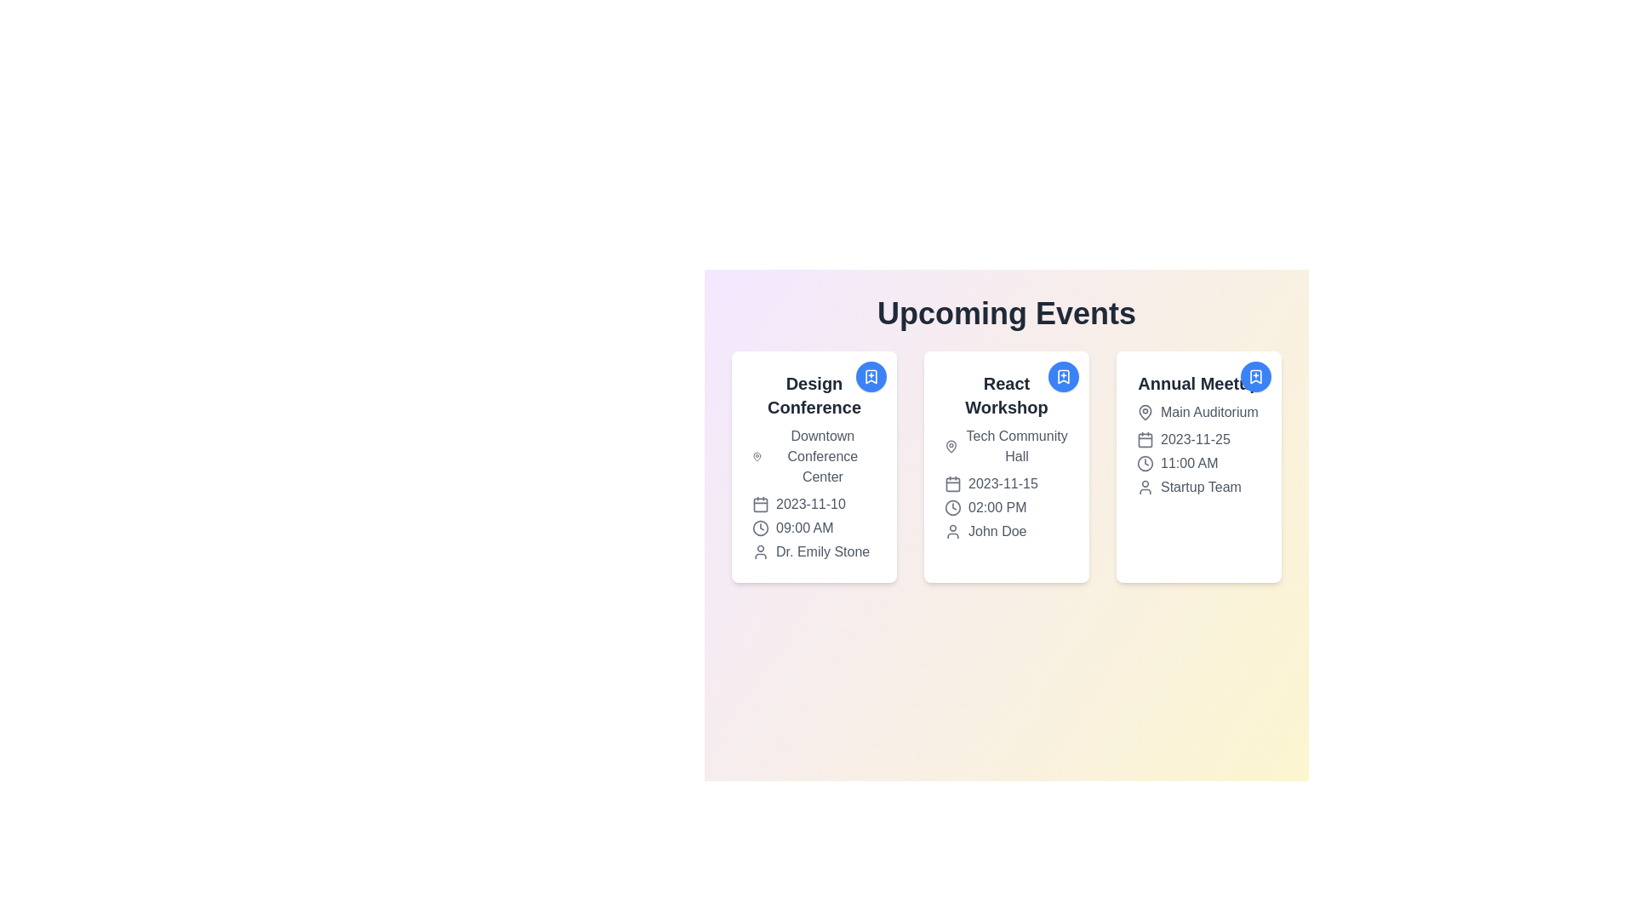 This screenshot has width=1634, height=919. I want to click on the Text element displaying the start time of the event located in the first card under the '2023-11-10' date entry, positioned above 'Dr. Emily Stone', so click(813, 528).